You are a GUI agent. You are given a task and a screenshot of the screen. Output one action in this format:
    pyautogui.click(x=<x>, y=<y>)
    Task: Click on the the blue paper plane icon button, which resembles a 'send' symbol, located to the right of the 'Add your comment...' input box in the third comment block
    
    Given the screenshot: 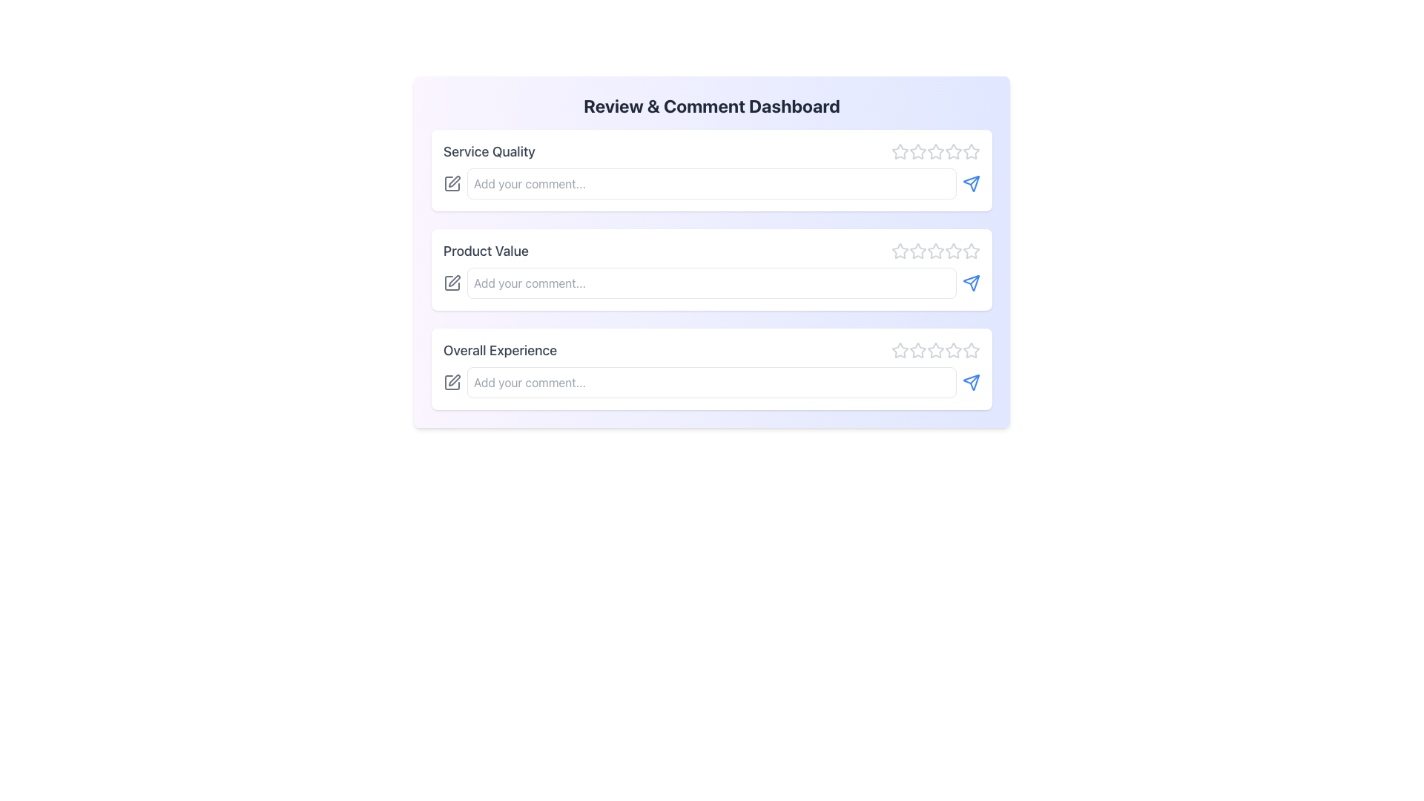 What is the action you would take?
    pyautogui.click(x=972, y=182)
    